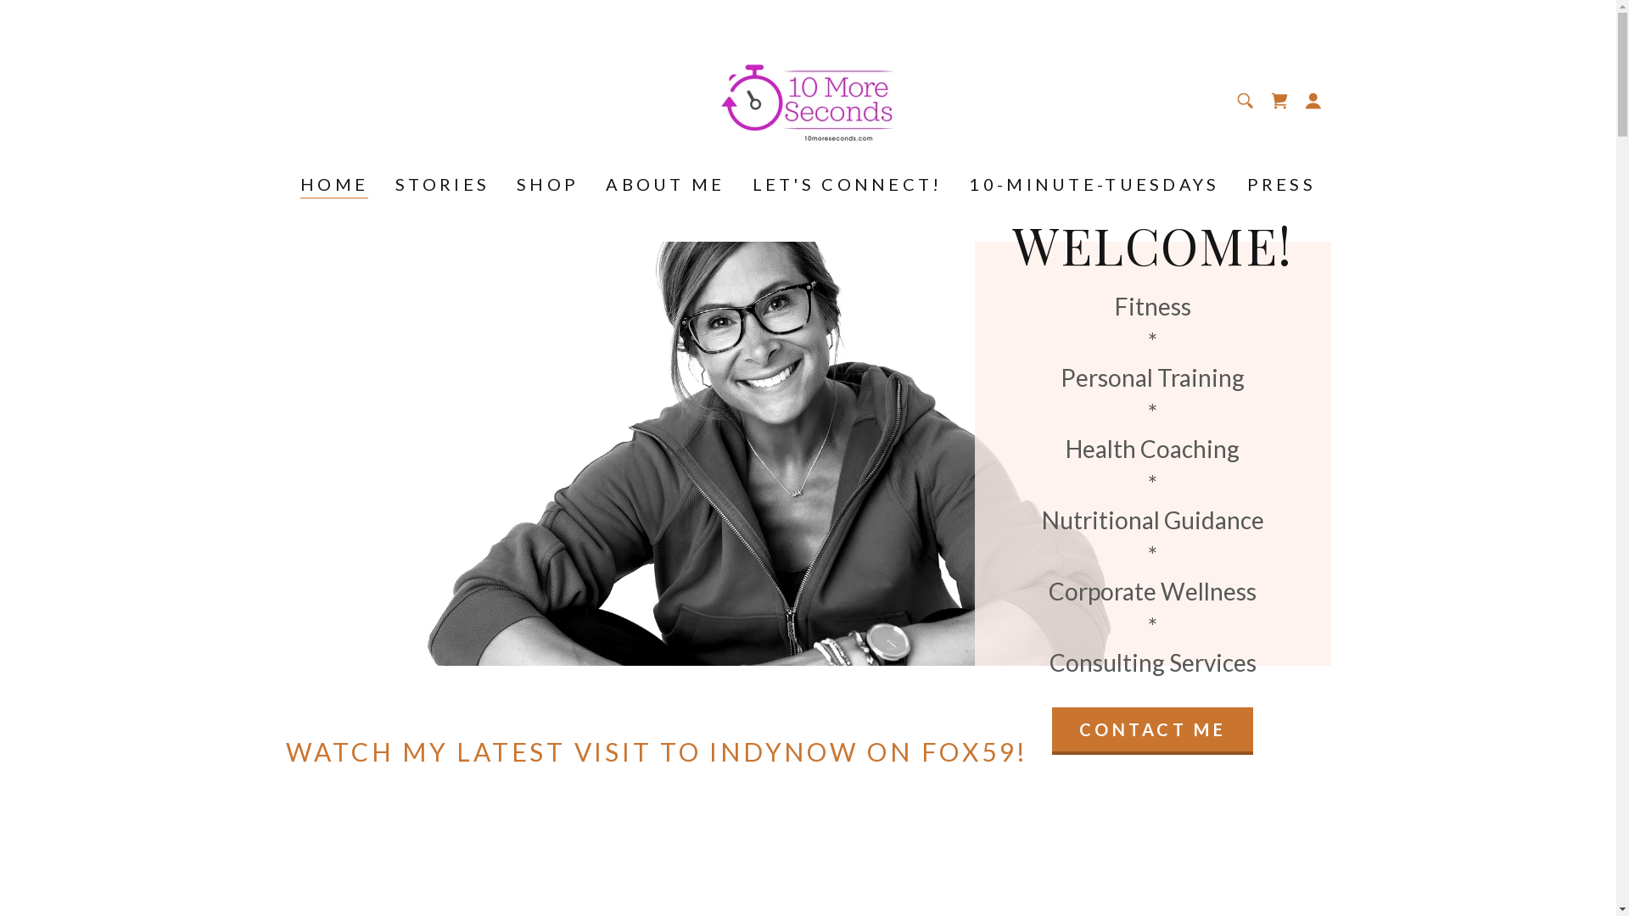 This screenshot has width=1629, height=916. I want to click on 'HOME', so click(333, 186).